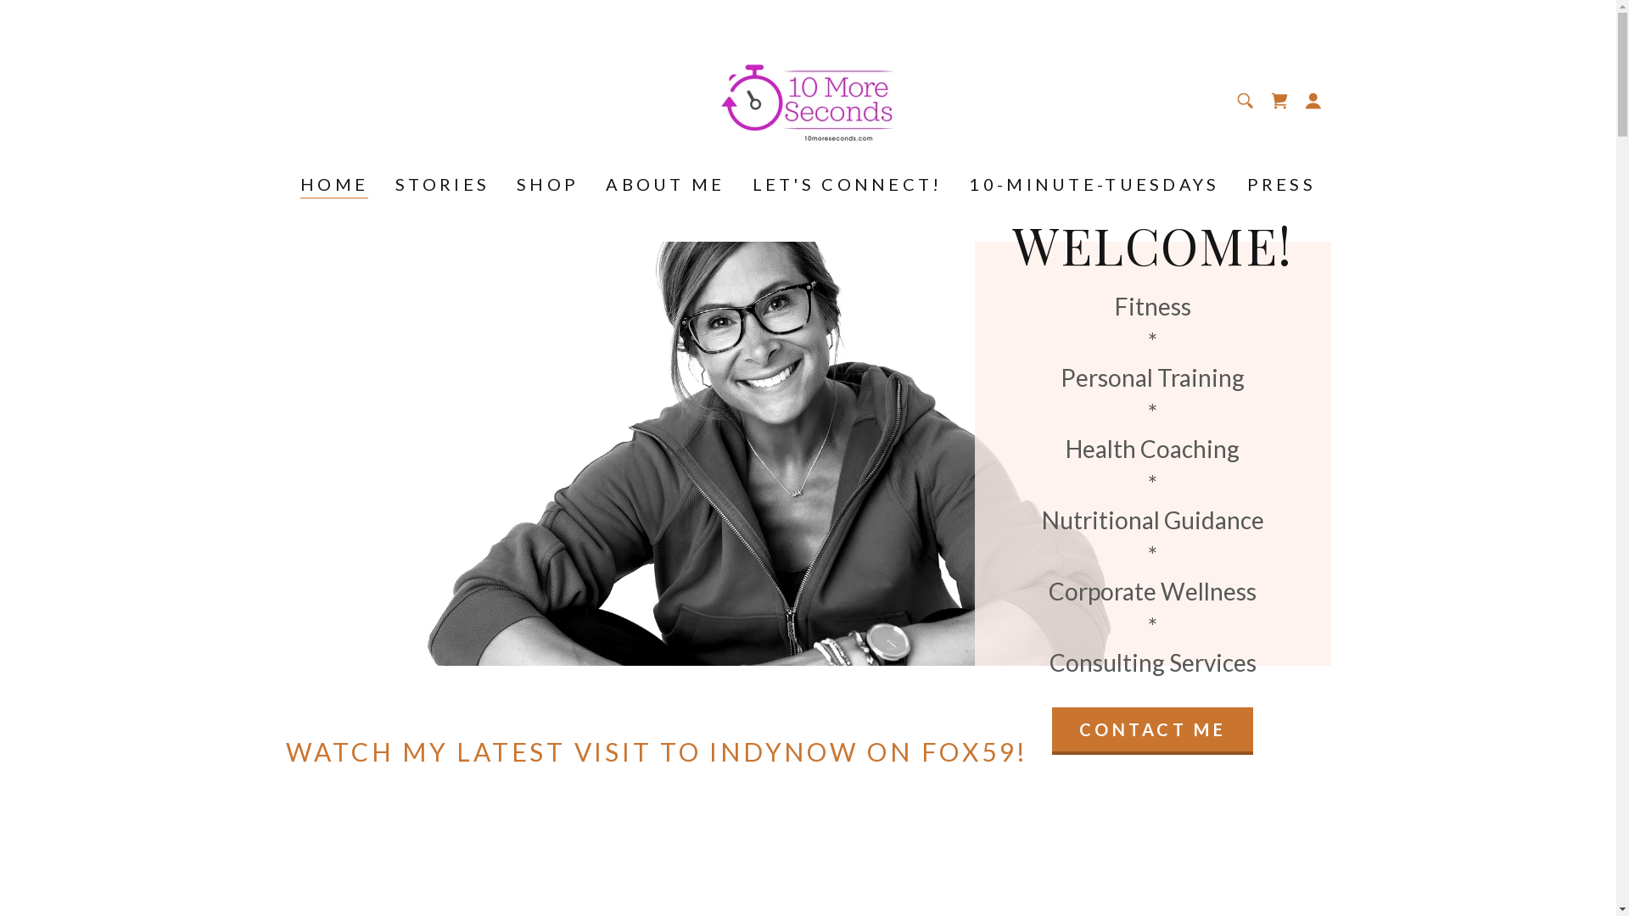 This screenshot has width=1629, height=916. I want to click on 'HOME', so click(333, 186).